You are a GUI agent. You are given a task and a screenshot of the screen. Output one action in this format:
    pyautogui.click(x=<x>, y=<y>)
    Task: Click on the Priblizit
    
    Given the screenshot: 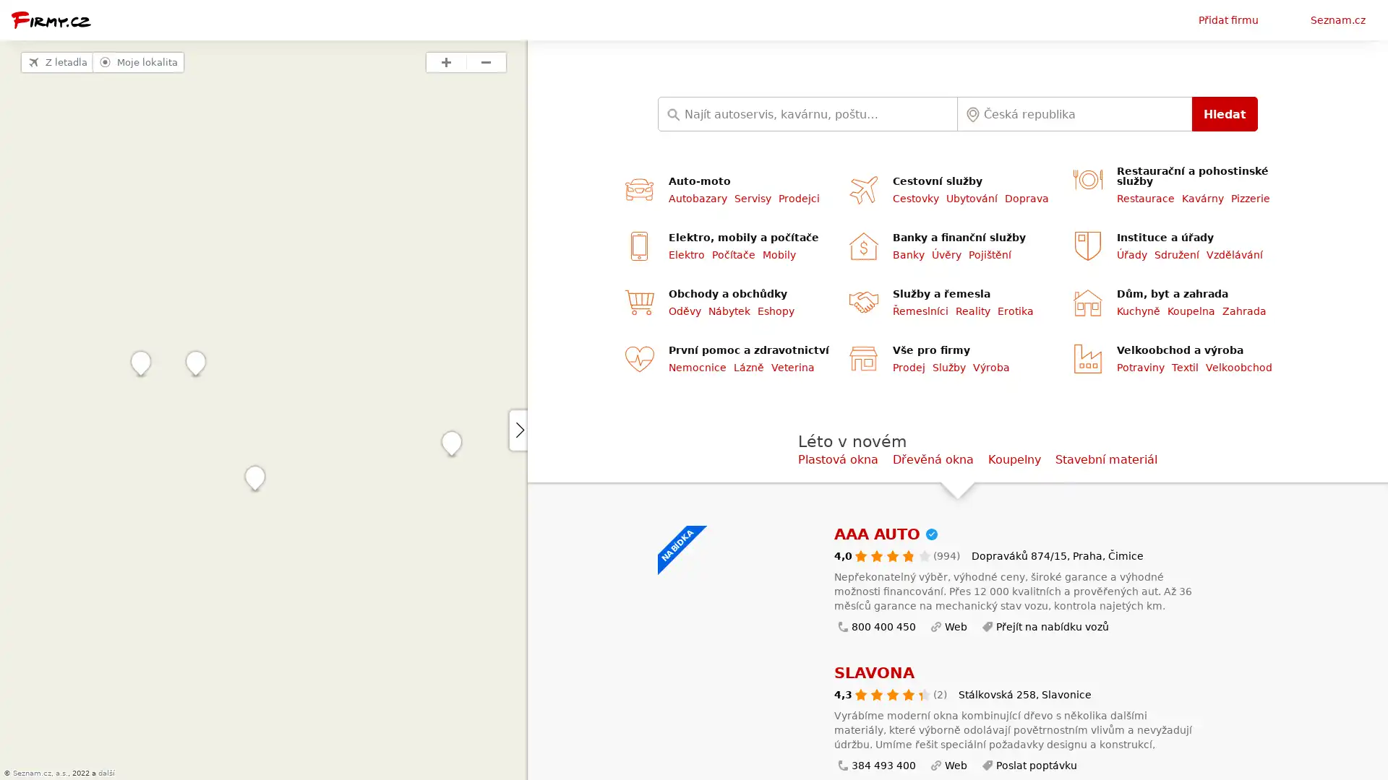 What is the action you would take?
    pyautogui.click(x=485, y=97)
    